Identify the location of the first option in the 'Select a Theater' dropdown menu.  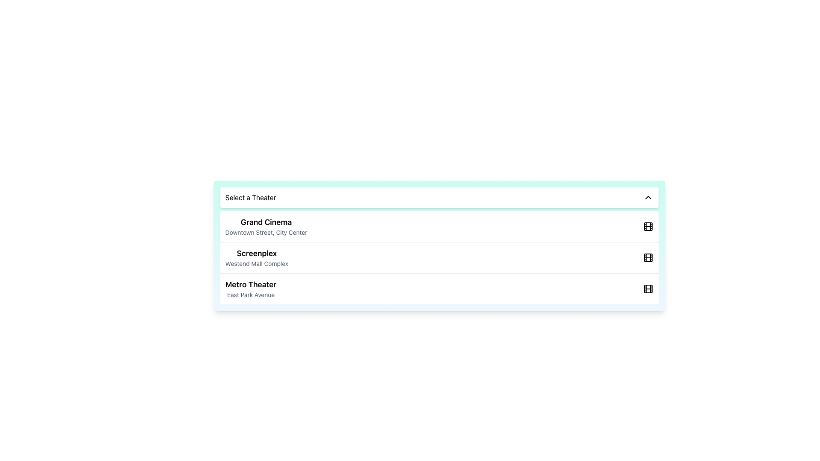
(439, 226).